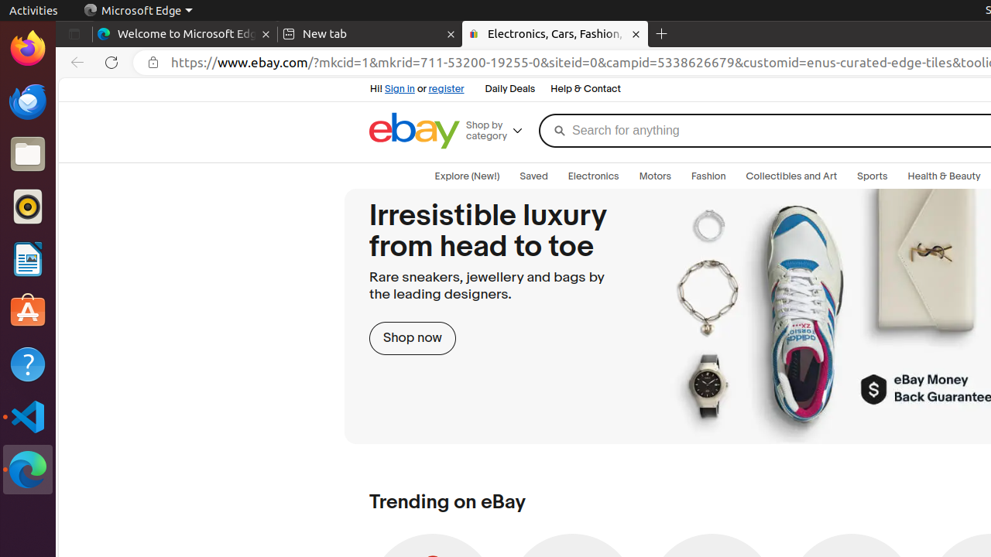  What do you see at coordinates (592, 176) in the screenshot?
I see `'Electronics'` at bounding box center [592, 176].